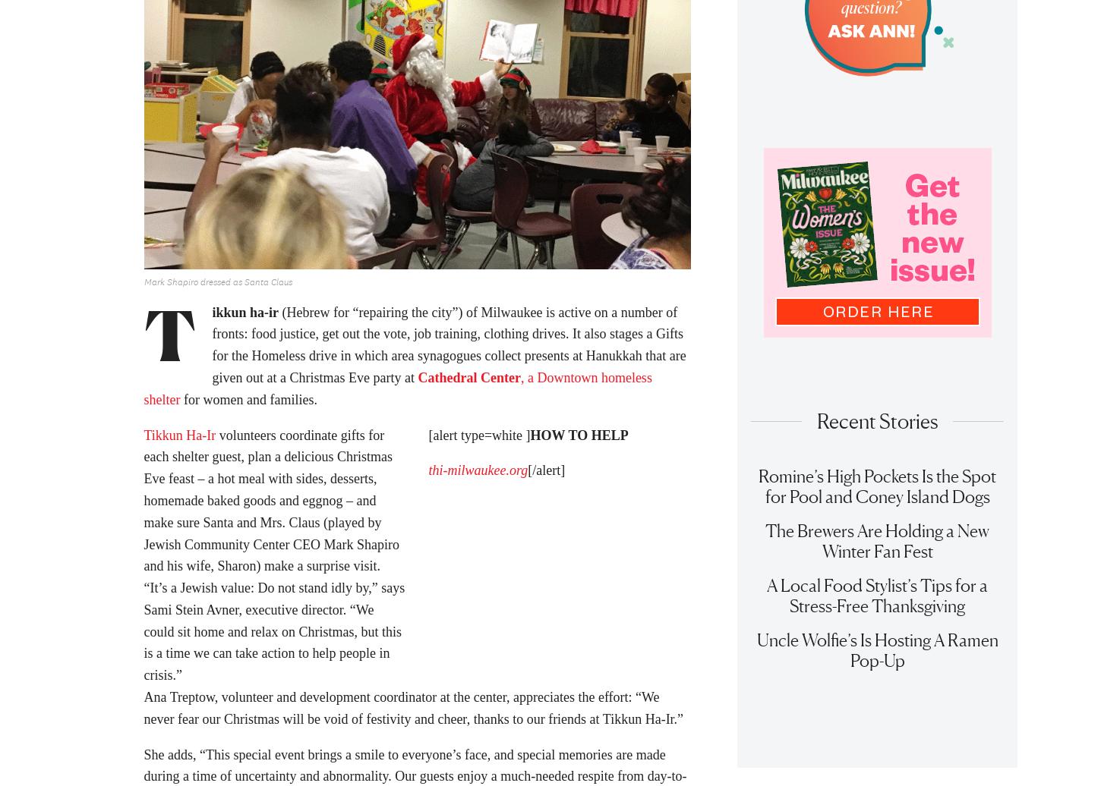 The height and width of the screenshot is (786, 1101). I want to click on 'Romine’s High Pockets Is the Spot for Pool and Coney Island Dogs', so click(876, 490).